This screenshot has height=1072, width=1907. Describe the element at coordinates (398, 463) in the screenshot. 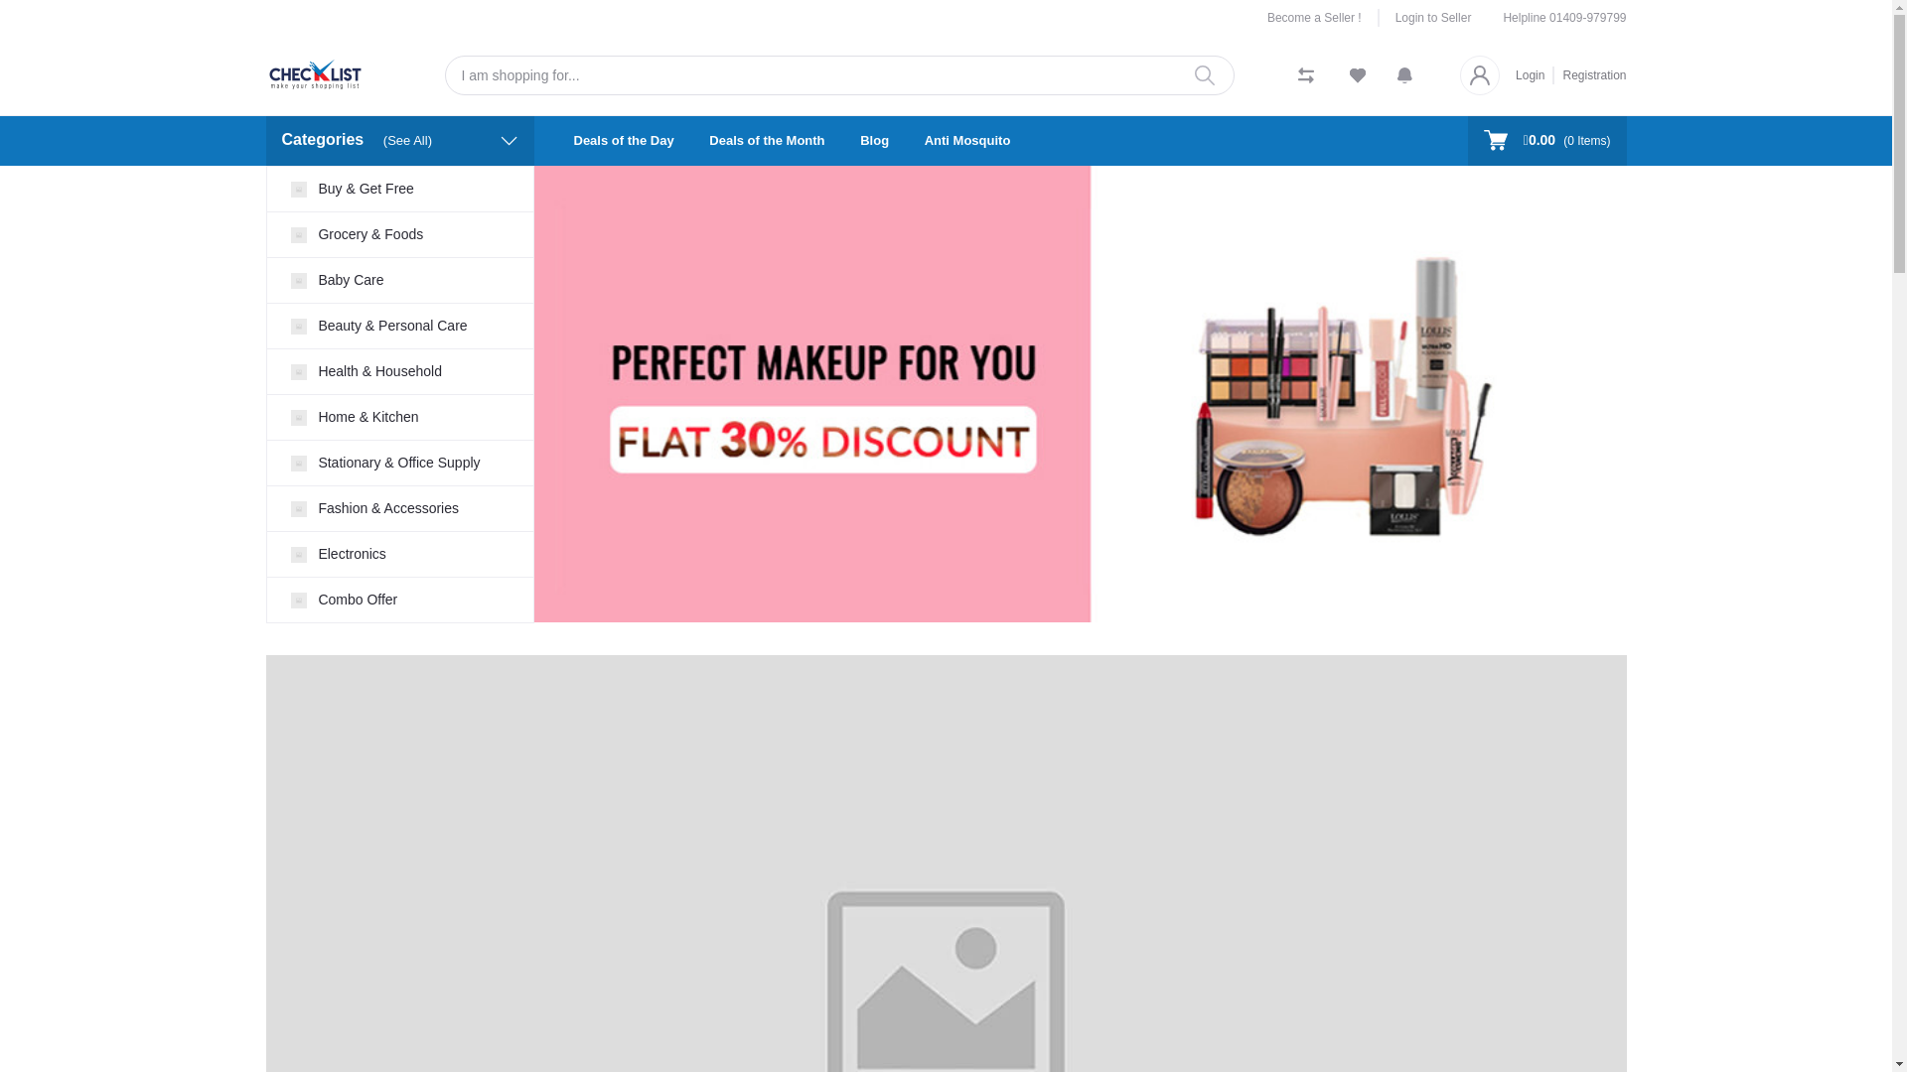

I see `'Stationary & Office Supply'` at that location.